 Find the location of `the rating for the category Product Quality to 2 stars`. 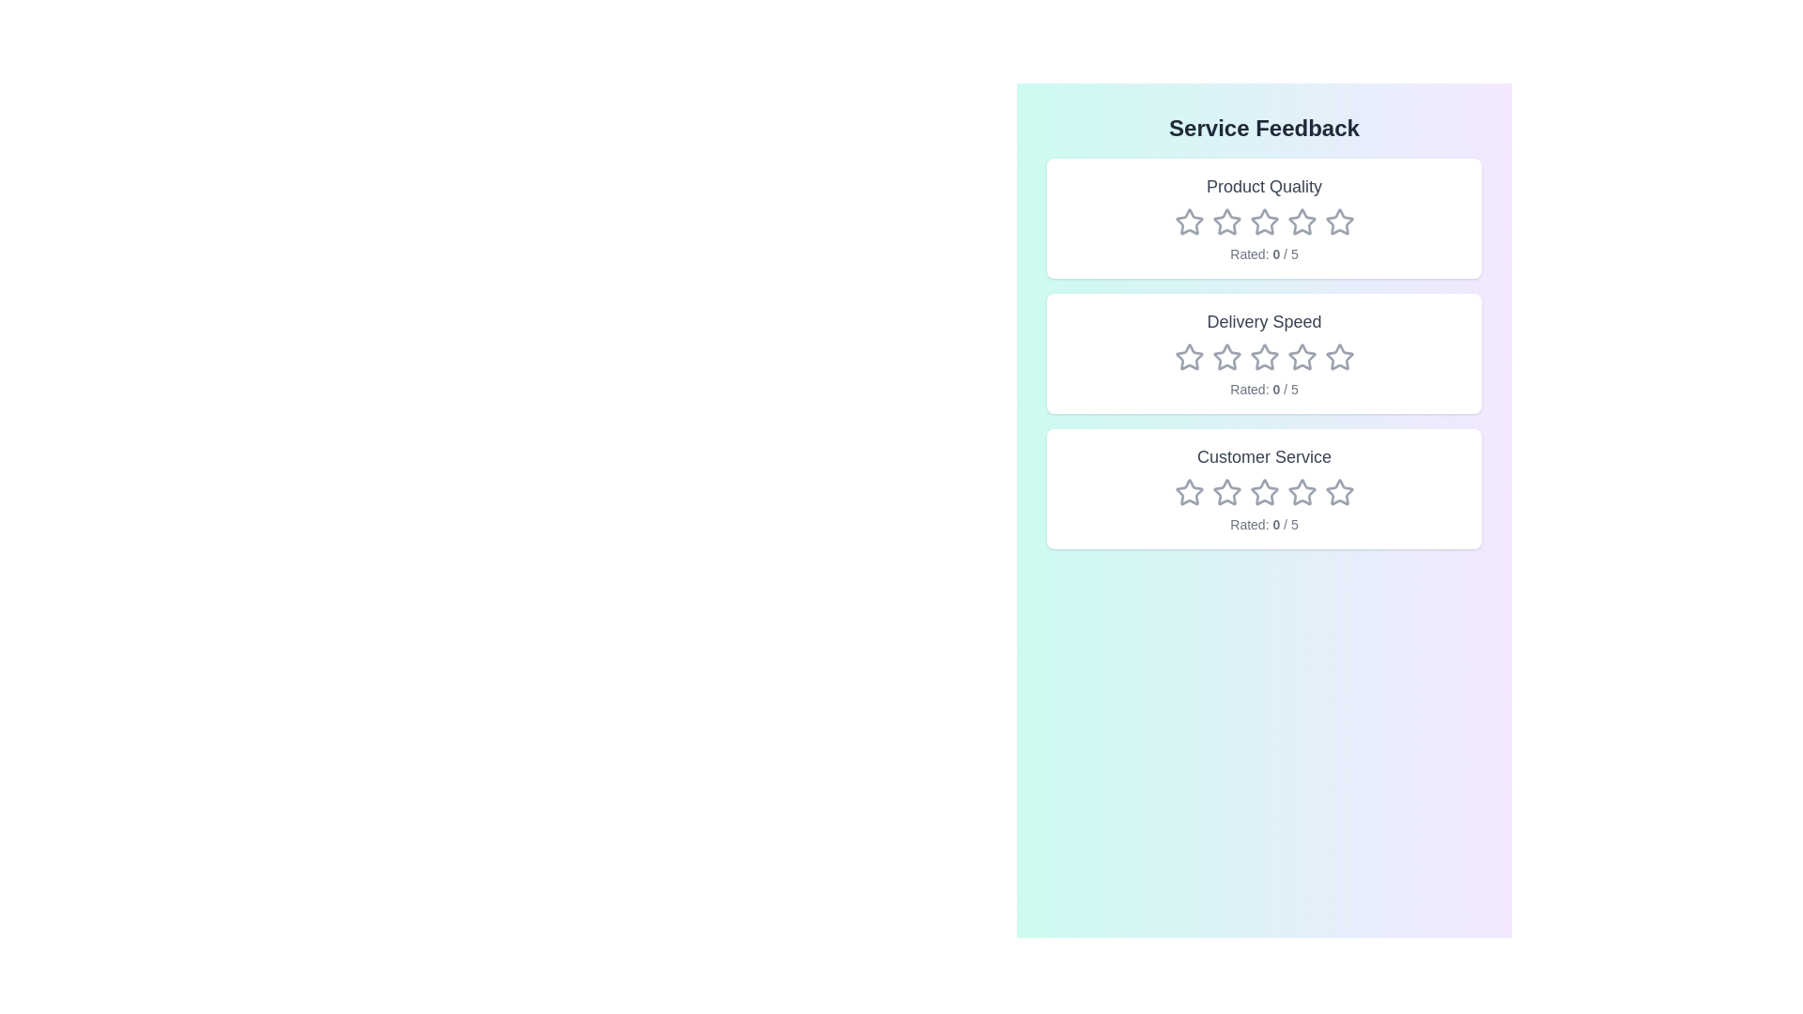

the rating for the category Product Quality to 2 stars is located at coordinates (1226, 221).